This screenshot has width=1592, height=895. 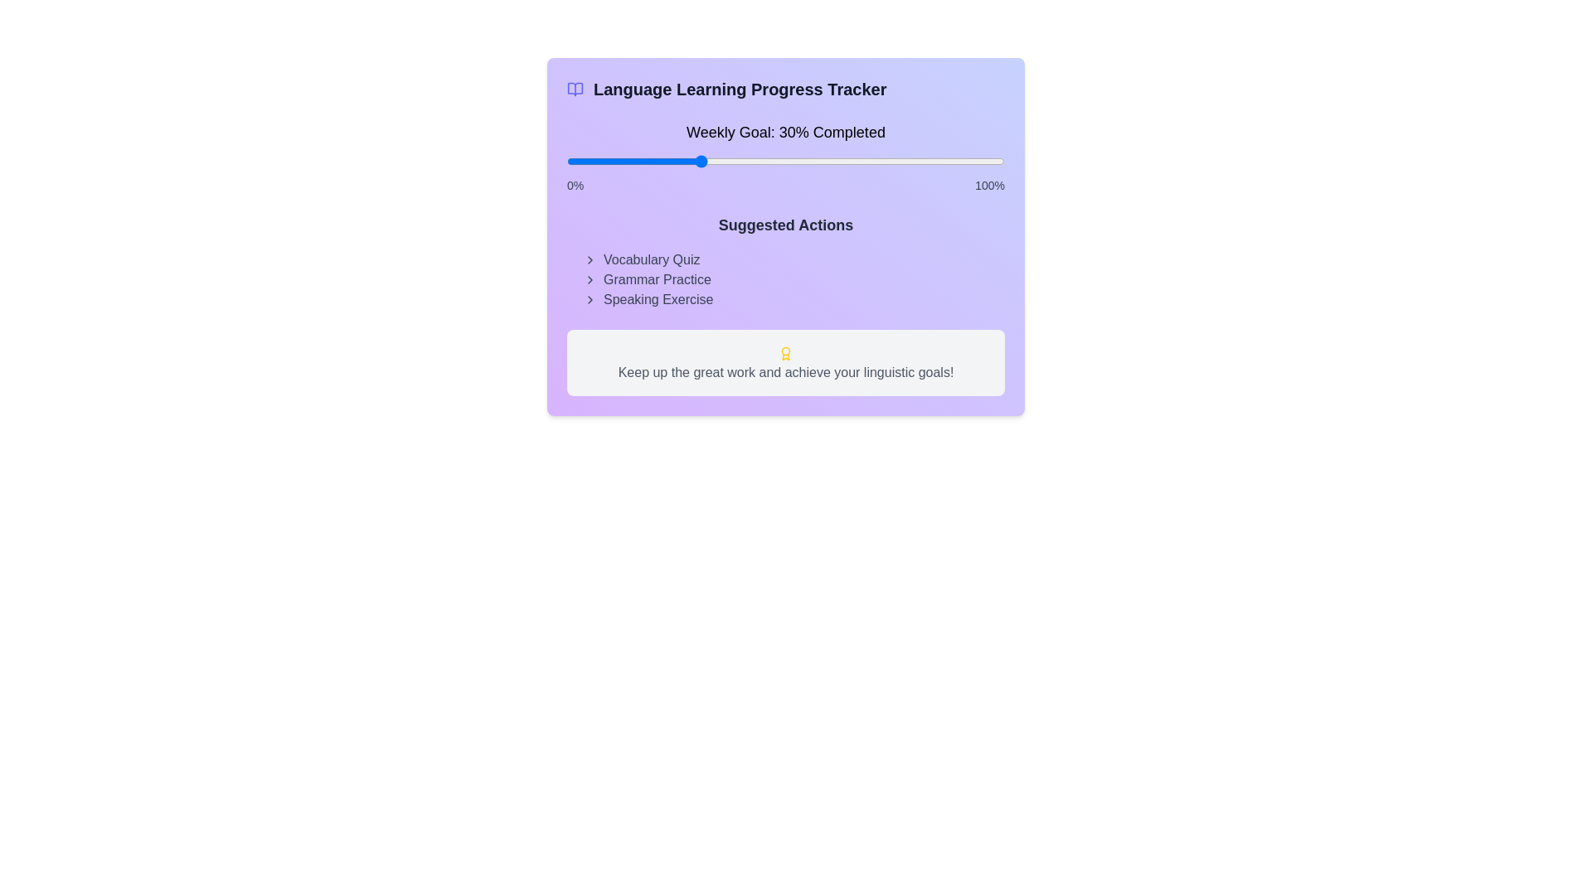 What do you see at coordinates (597, 162) in the screenshot?
I see `the progress slider to set the weekly goal completion percentage to 7` at bounding box center [597, 162].